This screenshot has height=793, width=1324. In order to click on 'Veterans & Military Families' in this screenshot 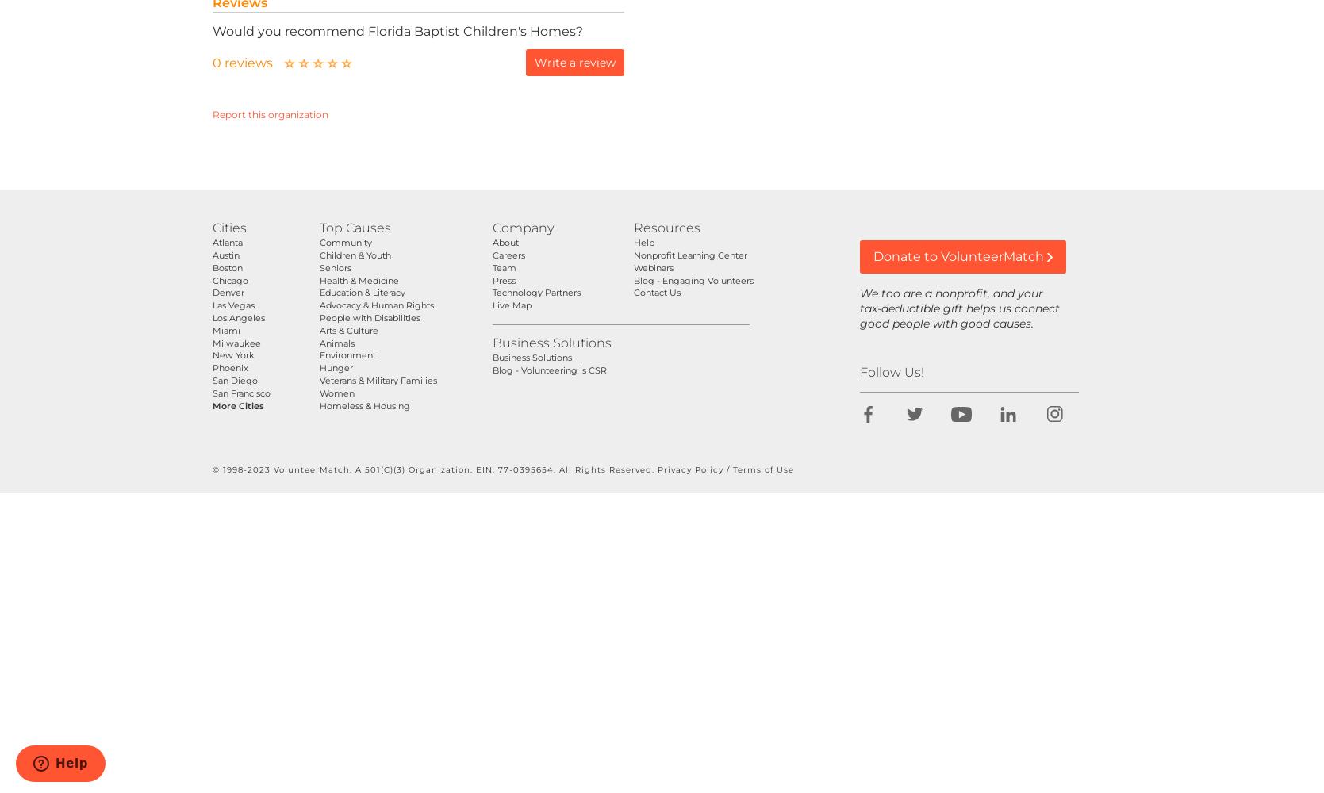, I will do `click(378, 380)`.